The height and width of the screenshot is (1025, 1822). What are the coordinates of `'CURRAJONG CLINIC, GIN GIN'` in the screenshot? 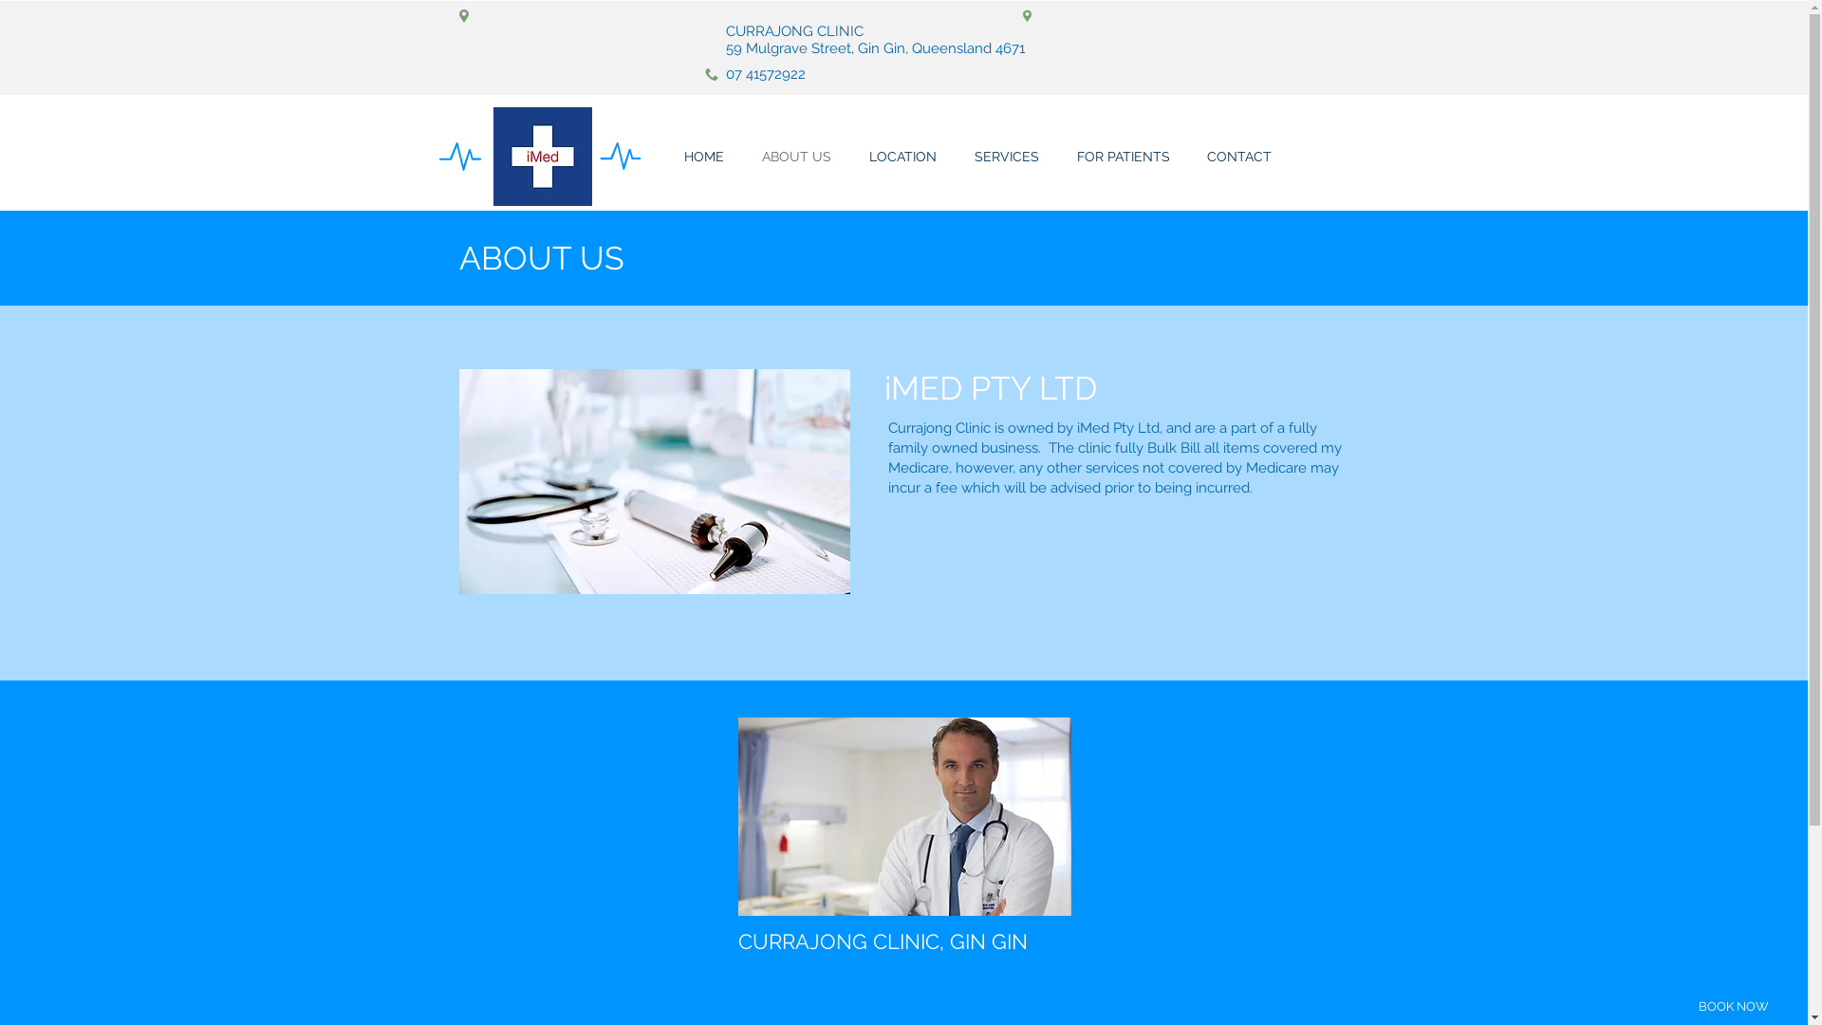 It's located at (736, 941).